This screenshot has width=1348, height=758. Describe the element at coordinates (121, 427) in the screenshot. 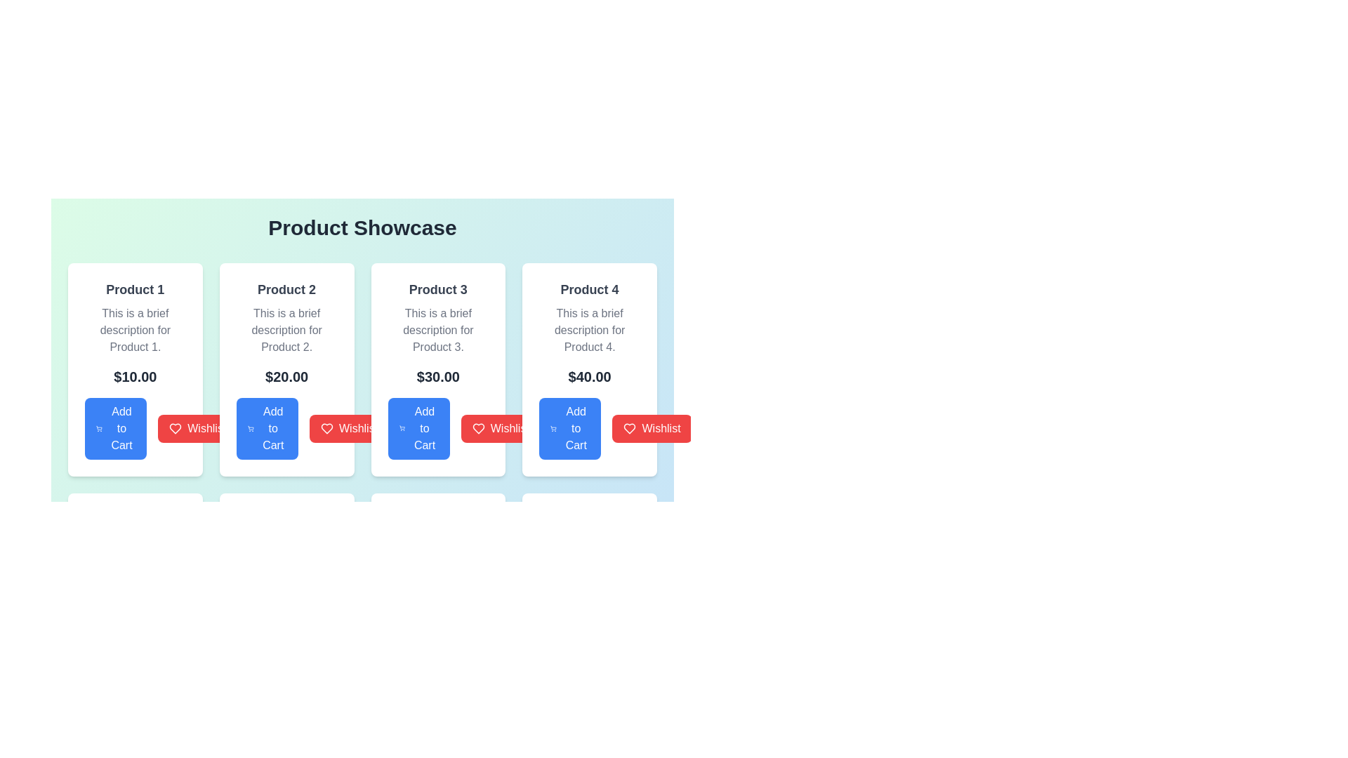

I see `the 'Add to Cart' text label within the button located in the lower section of the 'Product 1' card` at that location.